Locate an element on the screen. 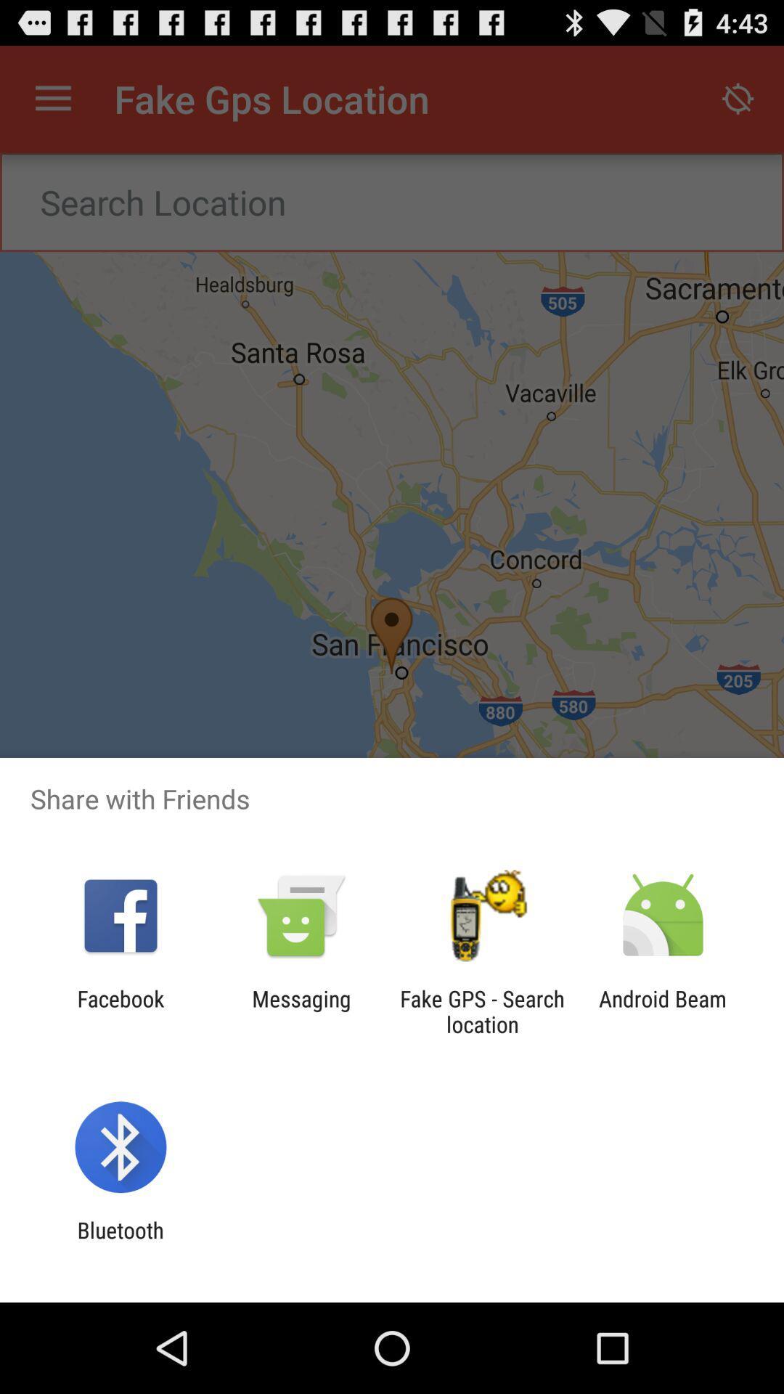 The width and height of the screenshot is (784, 1394). the fake gps search item is located at coordinates (482, 1011).